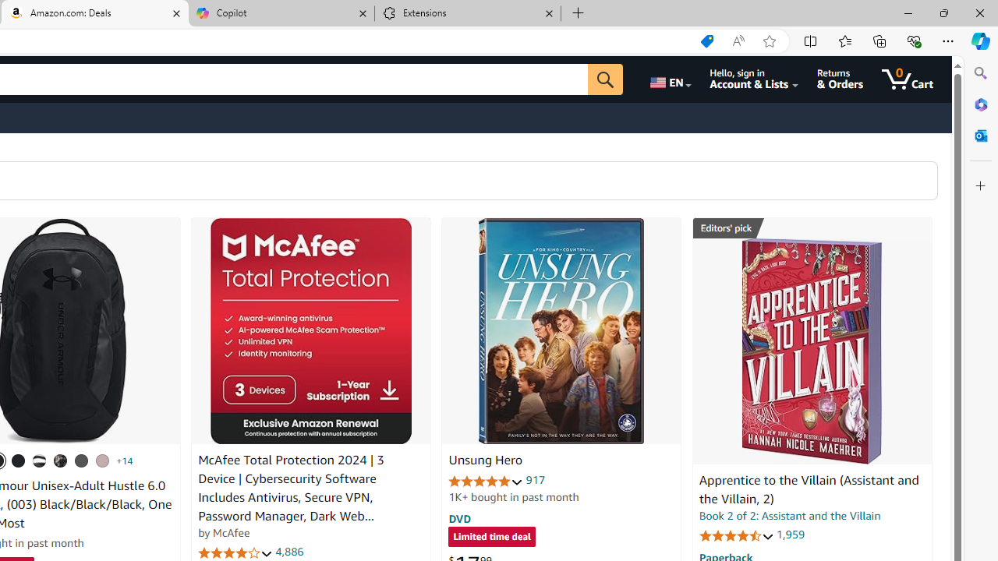 The height and width of the screenshot is (561, 998). What do you see at coordinates (125, 460) in the screenshot?
I see `'+14'` at bounding box center [125, 460].